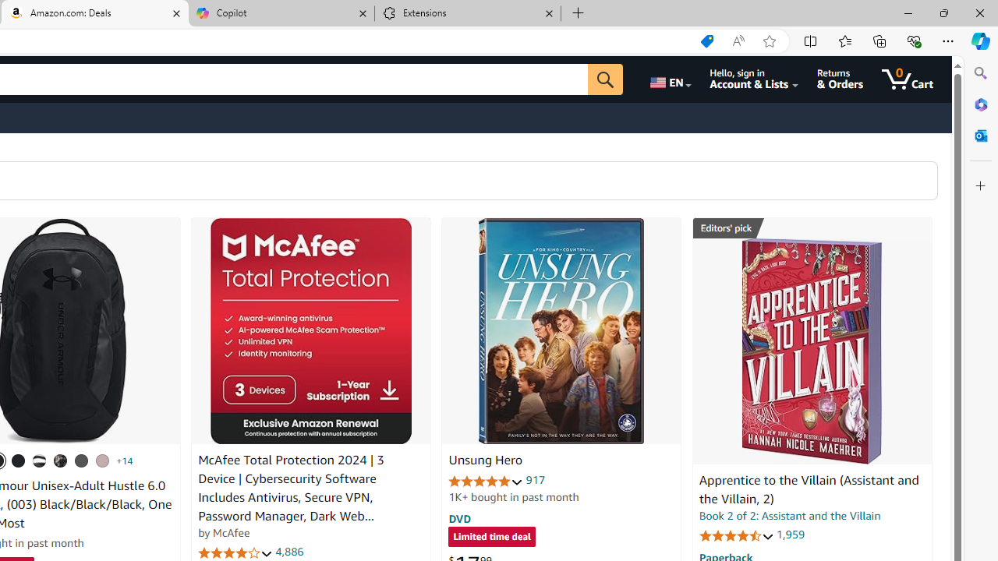 The height and width of the screenshot is (561, 998). What do you see at coordinates (125, 460) in the screenshot?
I see `'+14'` at bounding box center [125, 460].